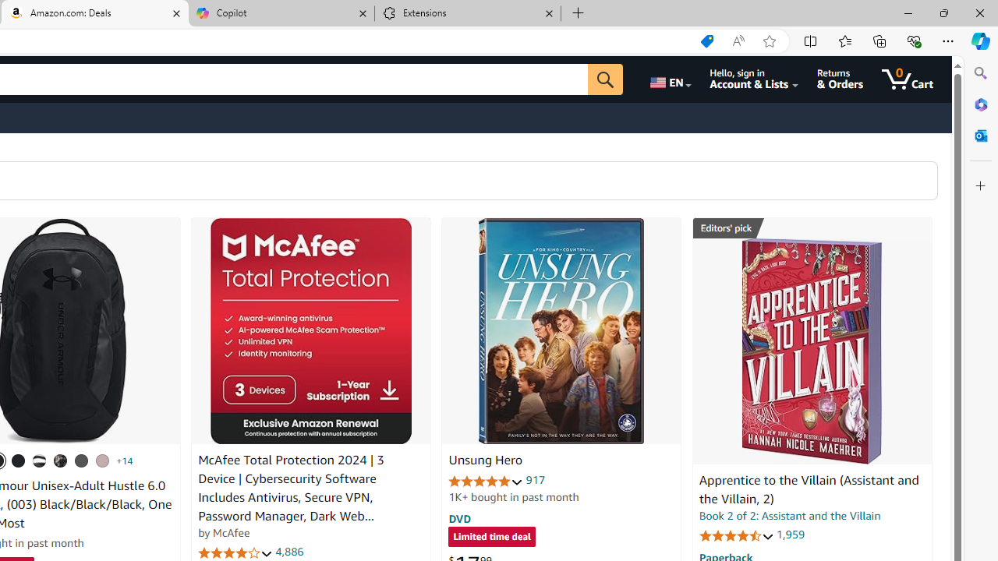 The height and width of the screenshot is (561, 998). What do you see at coordinates (125, 460) in the screenshot?
I see `'+14'` at bounding box center [125, 460].